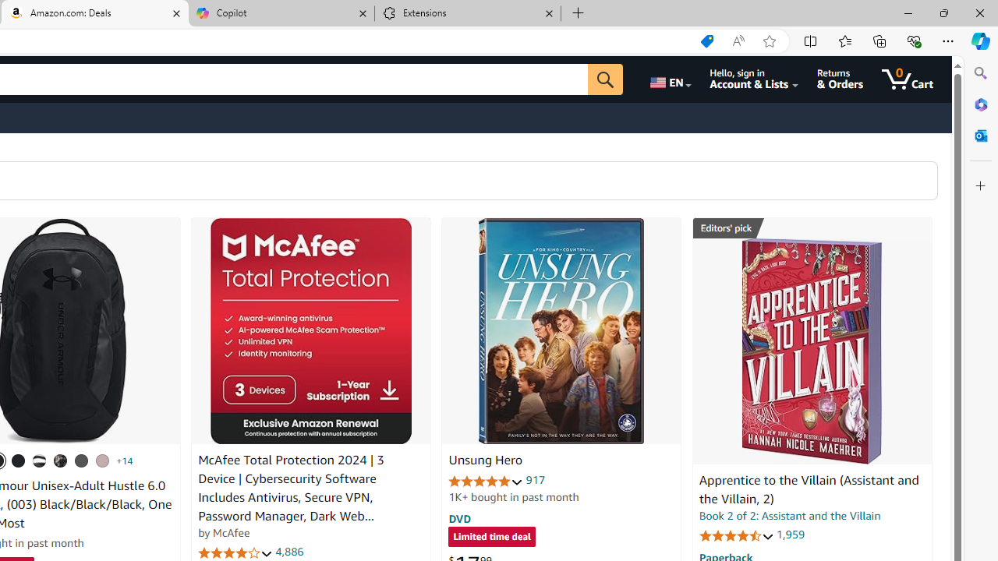 The height and width of the screenshot is (561, 998). What do you see at coordinates (125, 460) in the screenshot?
I see `'+14'` at bounding box center [125, 460].